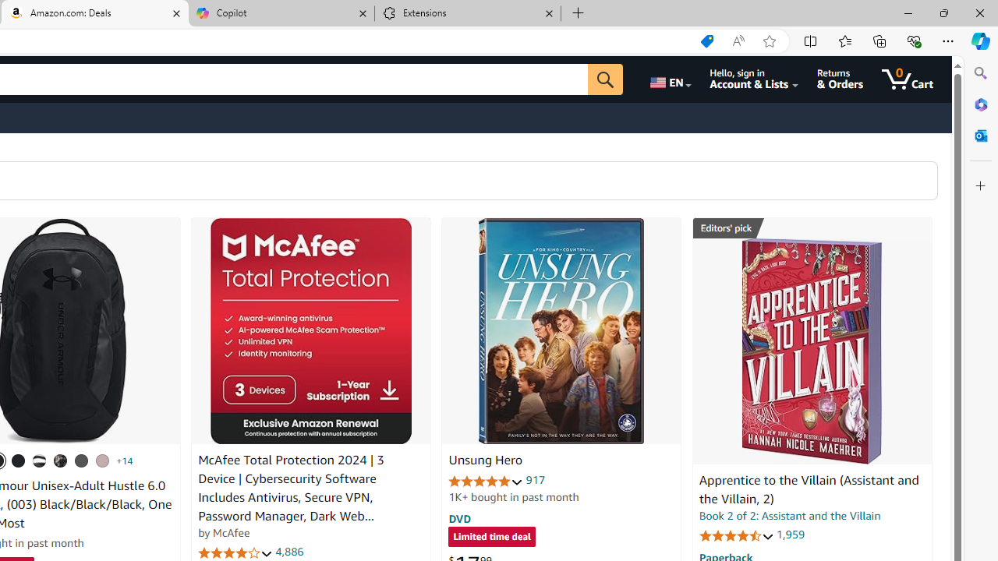 The height and width of the screenshot is (561, 998). What do you see at coordinates (125, 460) in the screenshot?
I see `'+14'` at bounding box center [125, 460].